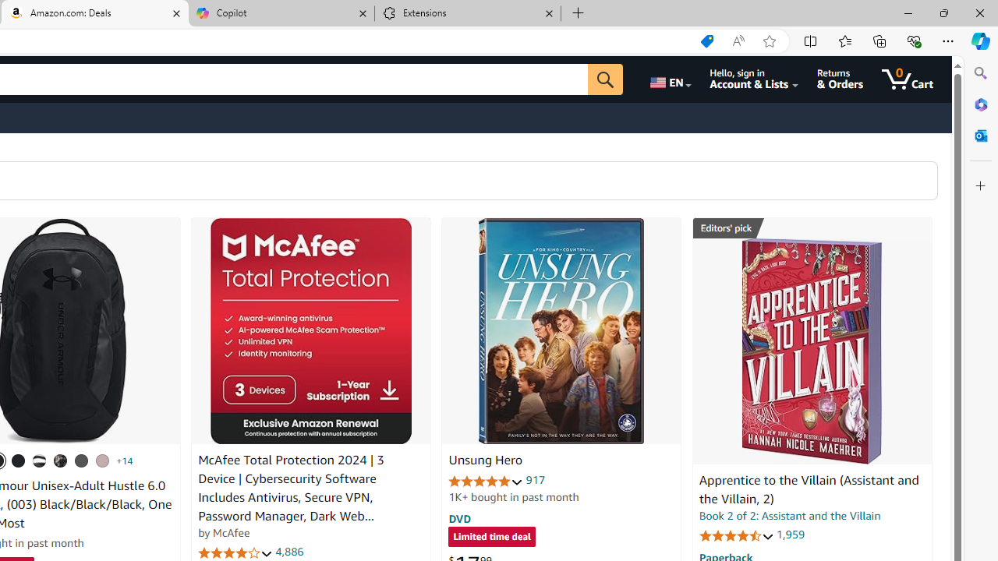 The height and width of the screenshot is (561, 998). What do you see at coordinates (125, 460) in the screenshot?
I see `'+14'` at bounding box center [125, 460].